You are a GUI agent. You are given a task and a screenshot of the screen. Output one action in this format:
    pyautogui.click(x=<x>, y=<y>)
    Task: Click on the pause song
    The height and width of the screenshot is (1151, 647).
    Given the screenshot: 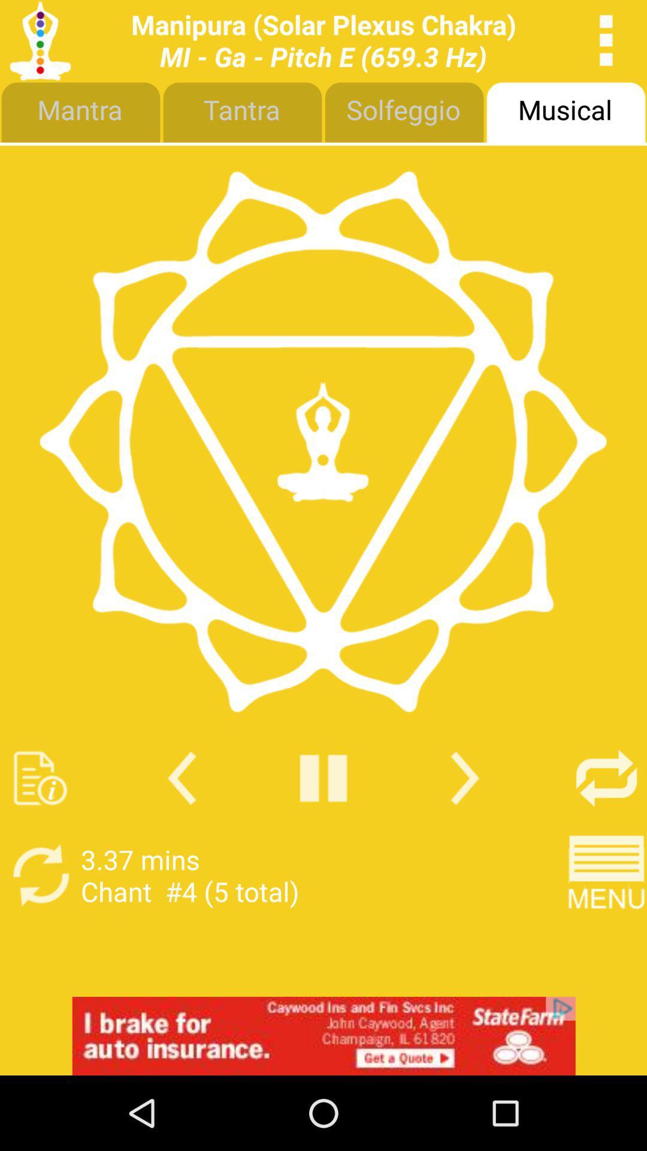 What is the action you would take?
    pyautogui.click(x=323, y=778)
    